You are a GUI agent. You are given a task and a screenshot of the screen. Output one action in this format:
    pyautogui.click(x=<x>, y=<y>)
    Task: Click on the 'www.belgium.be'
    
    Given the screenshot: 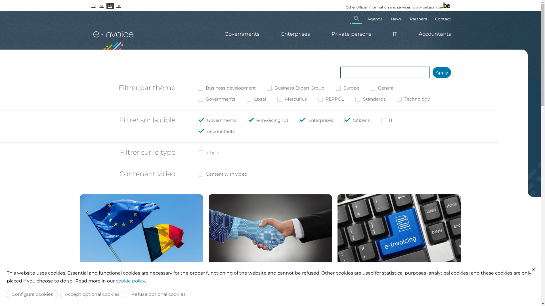 What is the action you would take?
    pyautogui.click(x=427, y=7)
    